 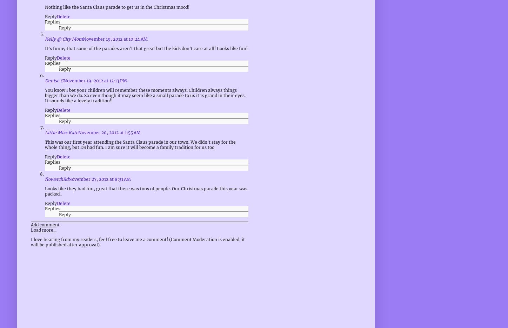 I want to click on 'November 19, 2012 at 12:13 PM', so click(x=95, y=80).